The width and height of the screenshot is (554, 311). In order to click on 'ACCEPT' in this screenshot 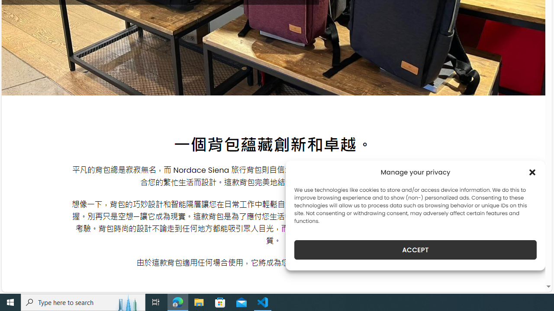, I will do `click(415, 250)`.